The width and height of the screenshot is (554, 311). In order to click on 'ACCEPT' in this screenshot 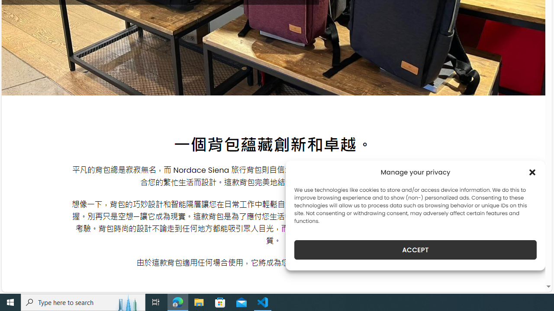, I will do `click(415, 250)`.